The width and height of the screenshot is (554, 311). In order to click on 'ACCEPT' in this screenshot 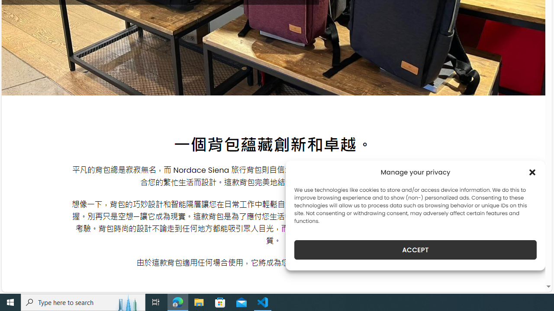, I will do `click(415, 250)`.